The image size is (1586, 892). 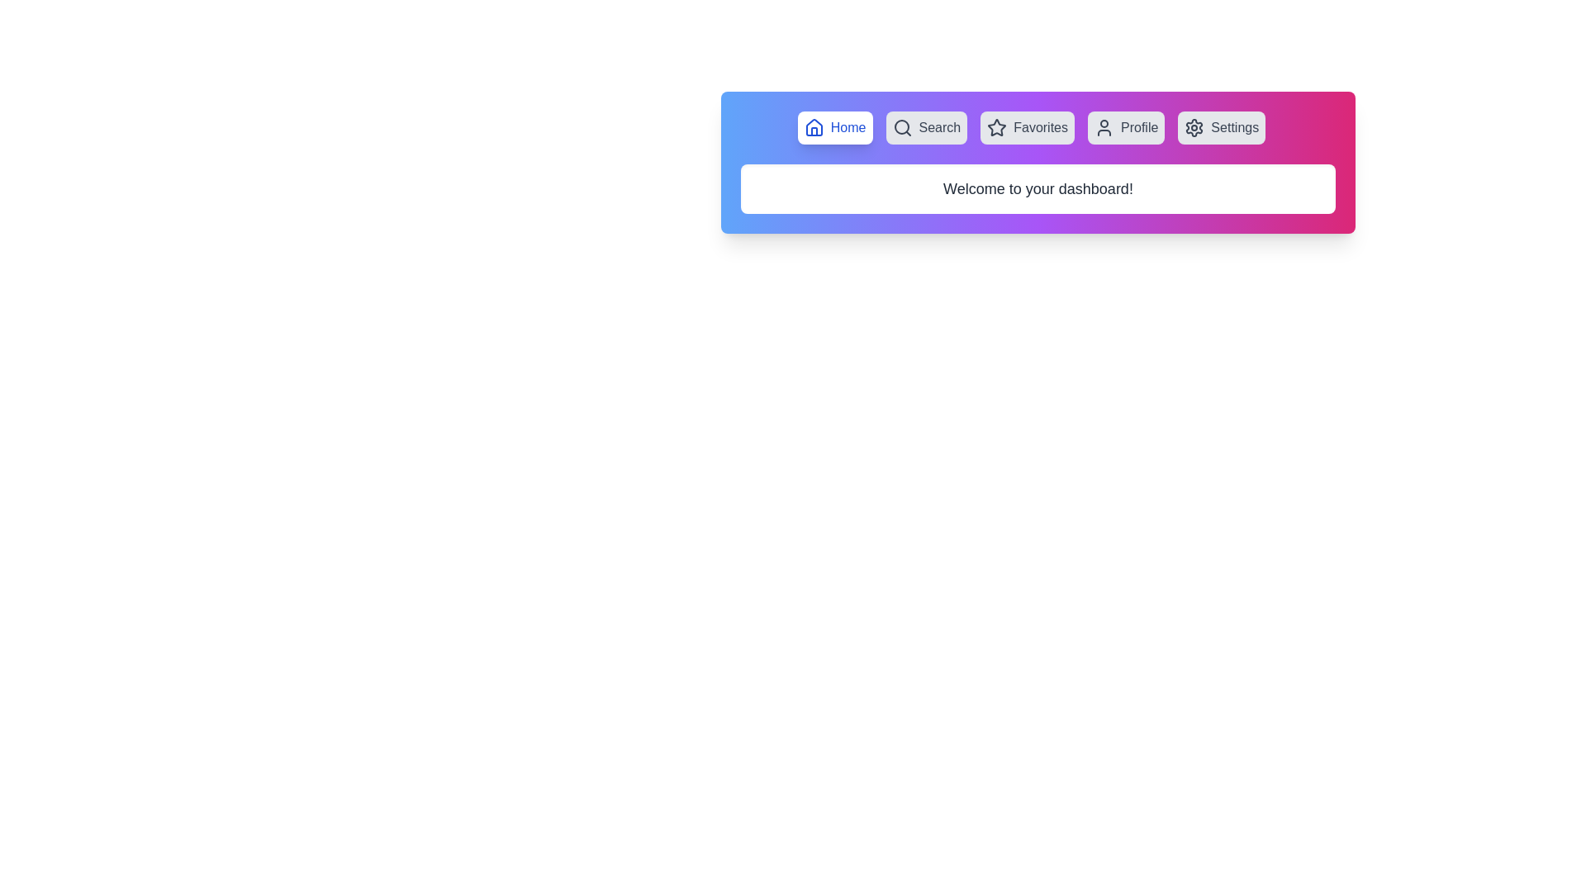 I want to click on the 'Favorites' label element, which features a star icon to its left and is styled with a light gray background and rounded corners, located in the top navigation bar as the third option after 'Home' and 'Search', so click(x=1027, y=126).